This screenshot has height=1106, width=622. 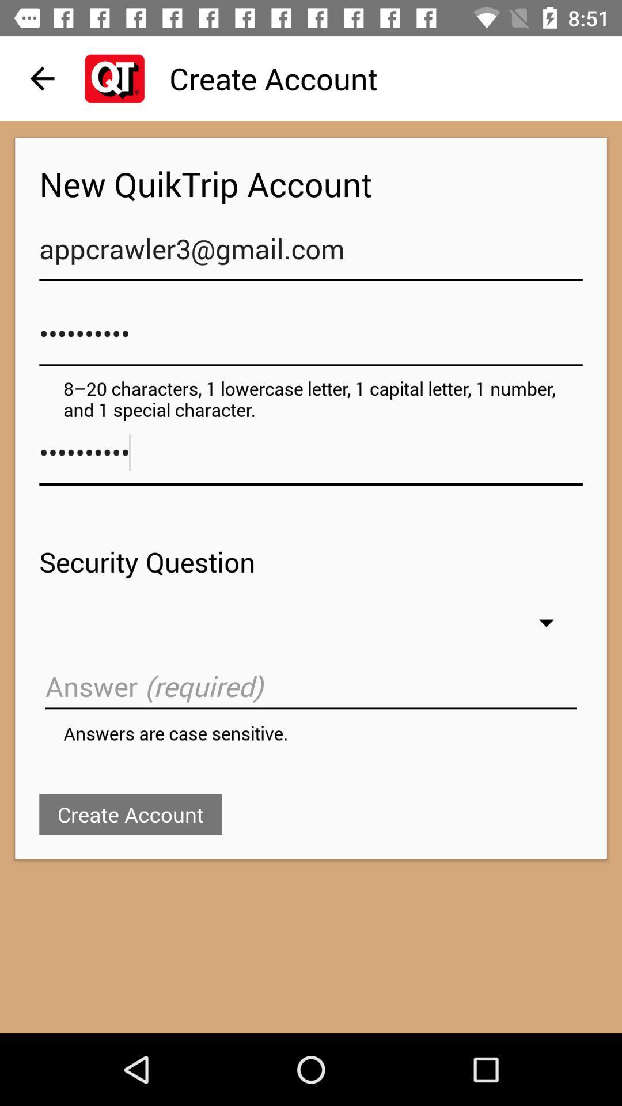 I want to click on icon below new quiktrip account, so click(x=311, y=254).